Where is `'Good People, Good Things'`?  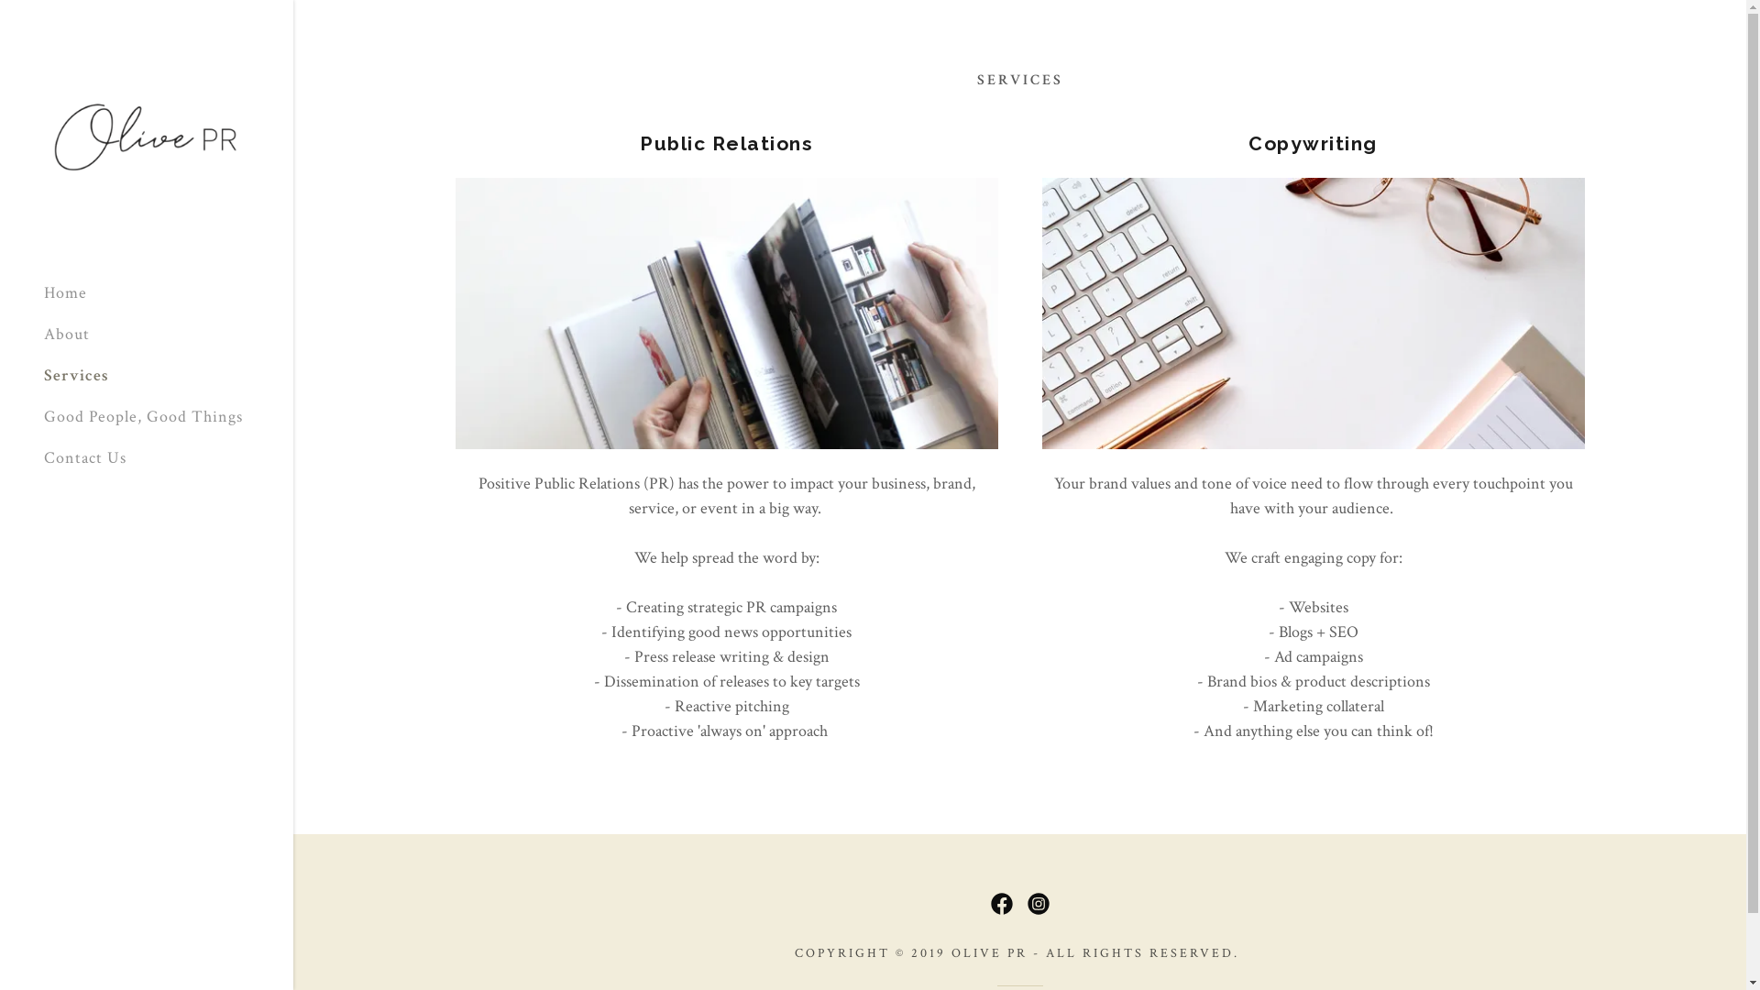
'Good People, Good Things' is located at coordinates (142, 416).